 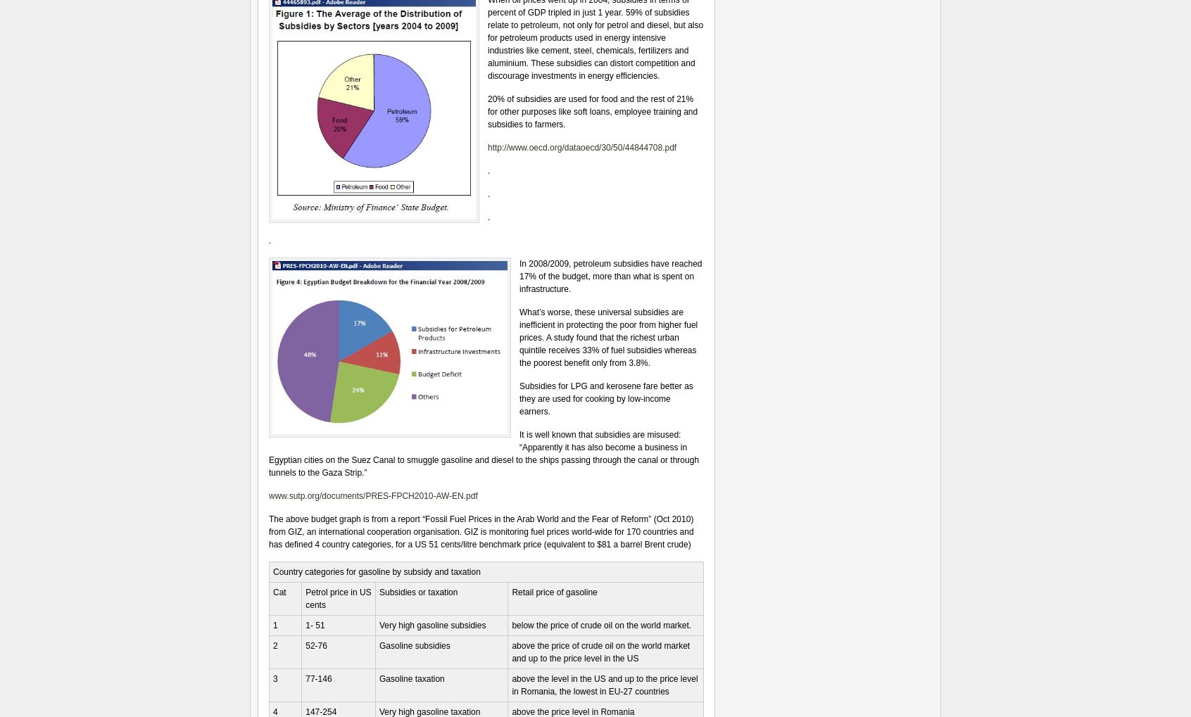 What do you see at coordinates (377, 571) in the screenshot?
I see `'Country categories for gasoline by subsidy and taxation'` at bounding box center [377, 571].